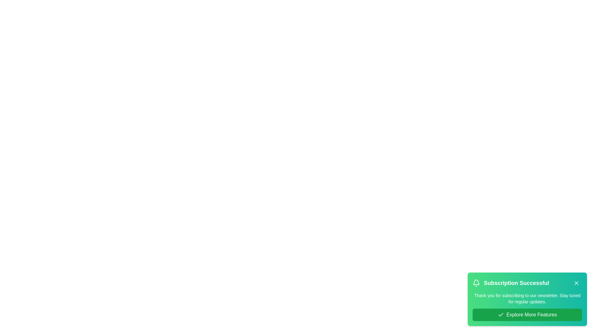  I want to click on the 'Explore More Features' button to trigger its action, so click(527, 315).